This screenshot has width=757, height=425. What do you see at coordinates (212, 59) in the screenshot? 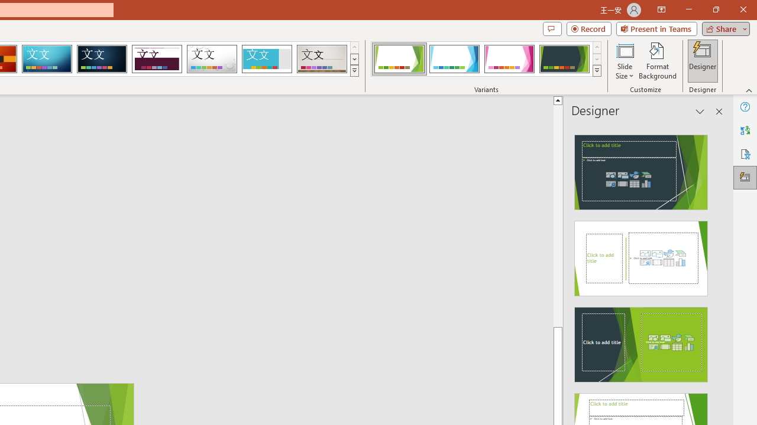
I see `'Droplet'` at bounding box center [212, 59].